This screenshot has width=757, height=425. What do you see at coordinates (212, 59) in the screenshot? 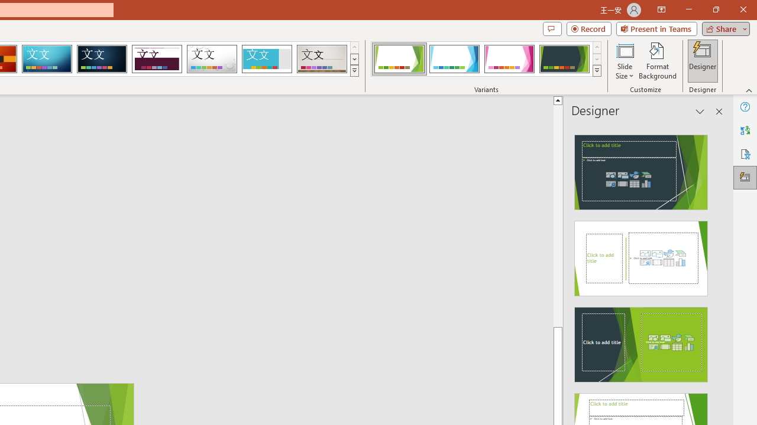
I see `'Droplet'` at bounding box center [212, 59].